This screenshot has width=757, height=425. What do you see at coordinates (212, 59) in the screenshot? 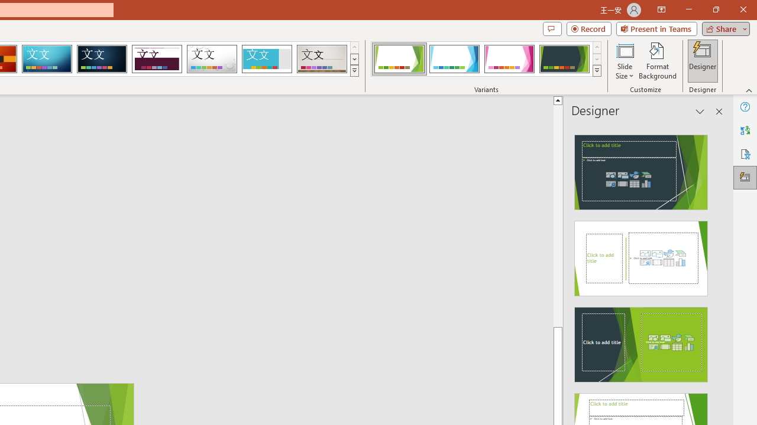
I see `'Droplet'` at bounding box center [212, 59].